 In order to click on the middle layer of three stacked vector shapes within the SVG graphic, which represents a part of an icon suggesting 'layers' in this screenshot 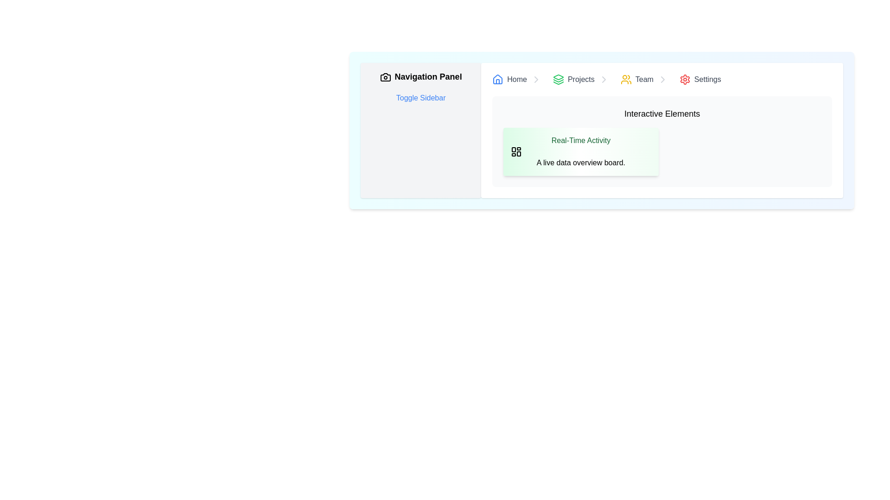, I will do `click(558, 80)`.